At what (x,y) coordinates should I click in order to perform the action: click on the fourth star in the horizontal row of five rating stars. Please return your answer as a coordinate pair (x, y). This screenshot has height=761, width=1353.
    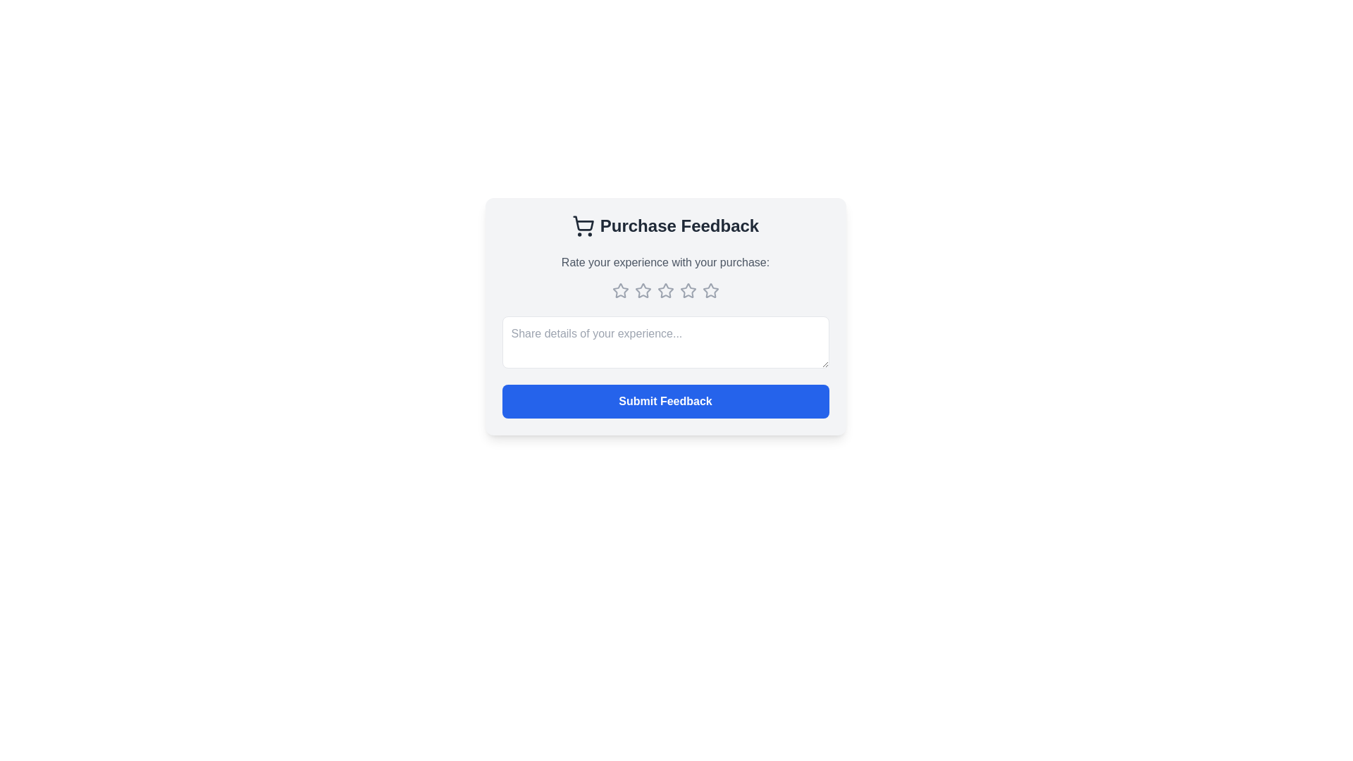
    Looking at the image, I should click on (710, 290).